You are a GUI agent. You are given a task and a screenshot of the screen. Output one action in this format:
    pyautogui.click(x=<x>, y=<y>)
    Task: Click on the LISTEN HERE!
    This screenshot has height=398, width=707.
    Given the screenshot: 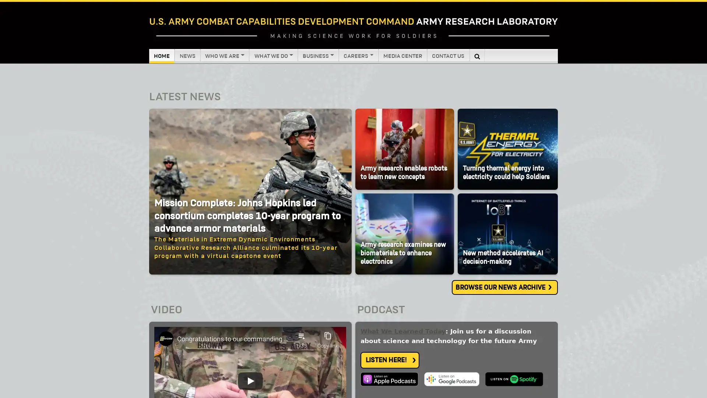 What is the action you would take?
    pyautogui.click(x=390, y=359)
    